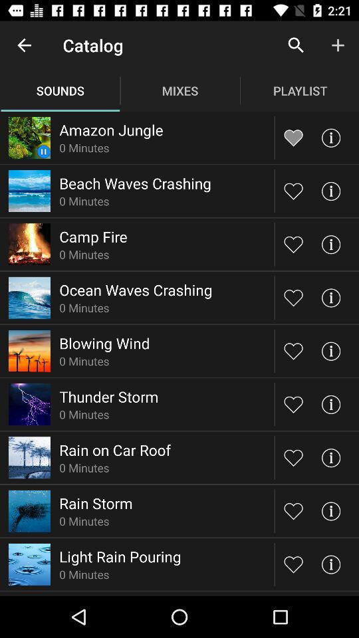 The image size is (359, 638). What do you see at coordinates (330, 138) in the screenshot?
I see `more information` at bounding box center [330, 138].